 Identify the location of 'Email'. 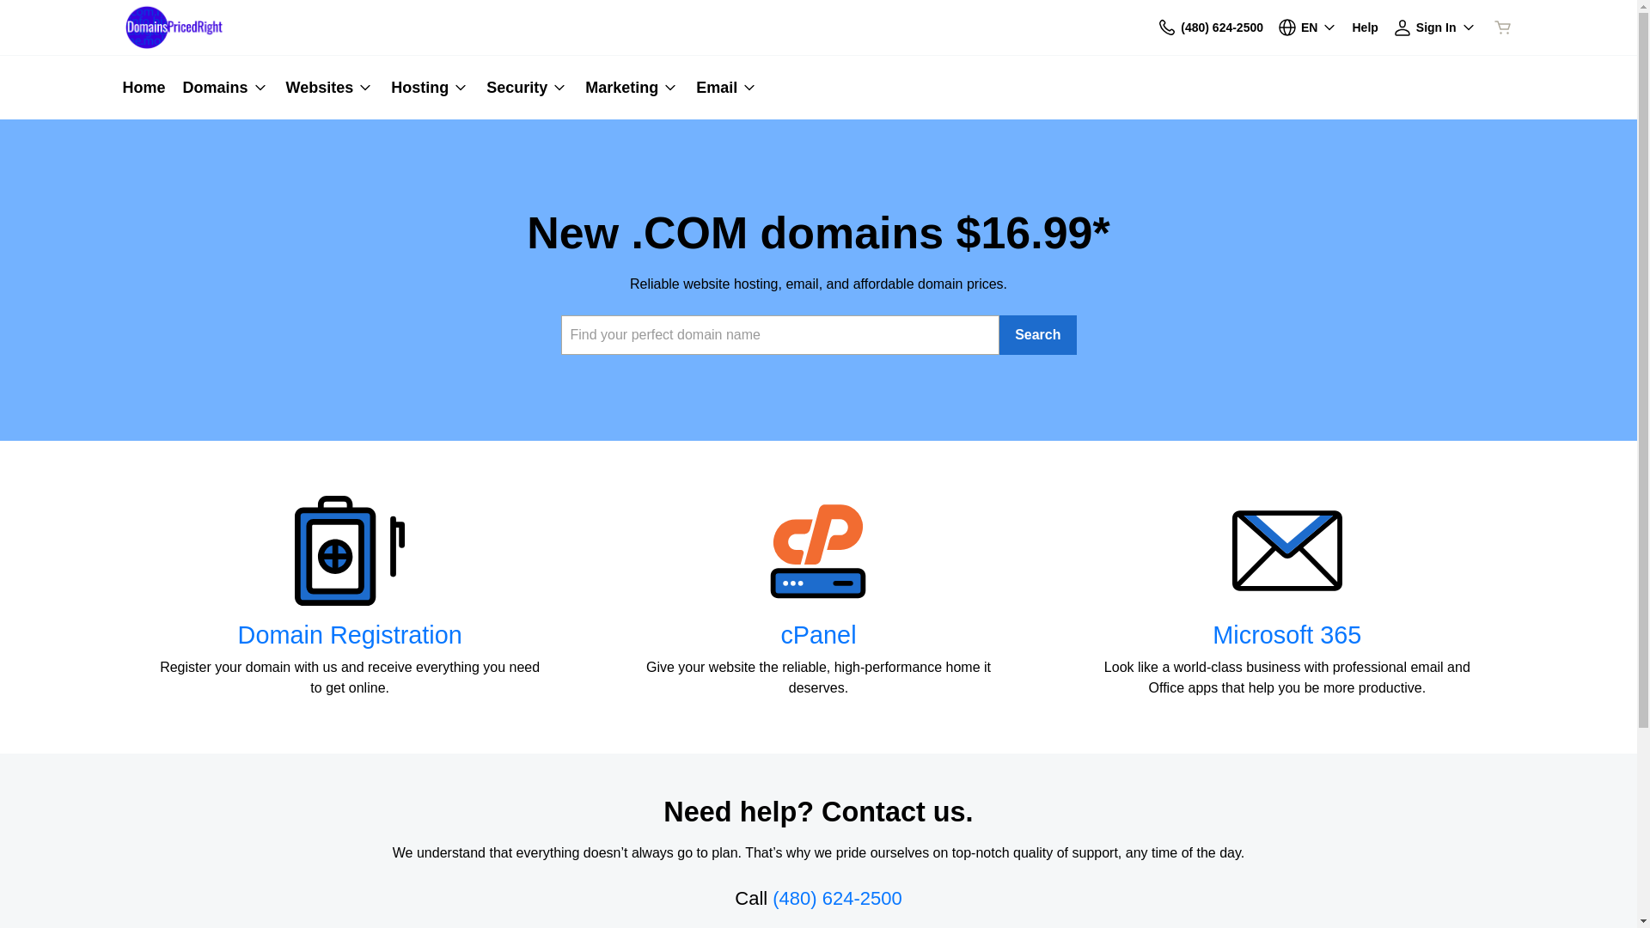
(722, 87).